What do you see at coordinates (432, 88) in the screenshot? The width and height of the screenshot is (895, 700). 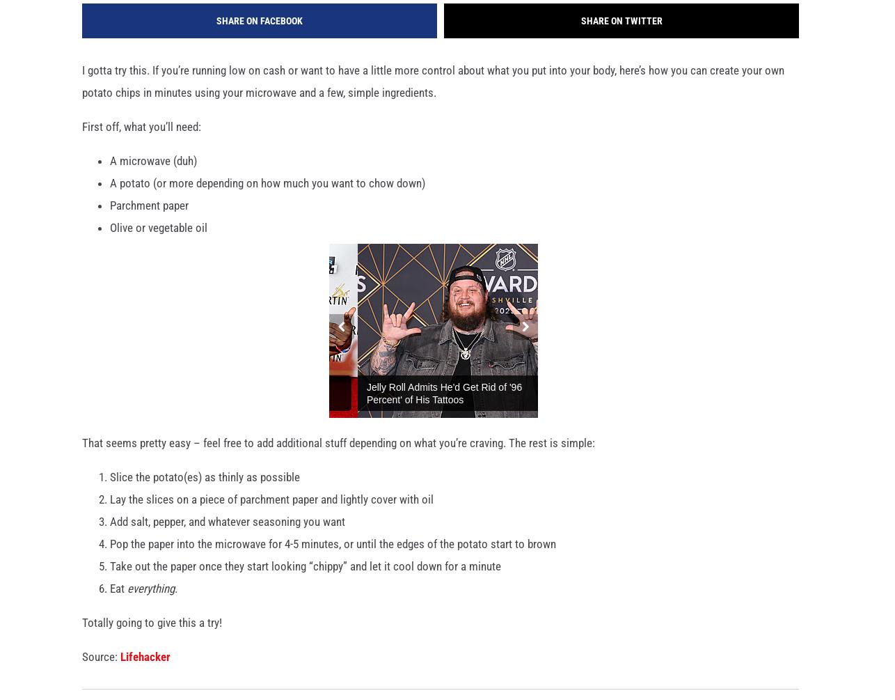 I see `'I gotta try this. If you’re running low on cash or want to have a little more control about what you put into your body, here’s how you can create your own potato chips in minutes using your microwave and a few, simple ingredients.'` at bounding box center [432, 88].